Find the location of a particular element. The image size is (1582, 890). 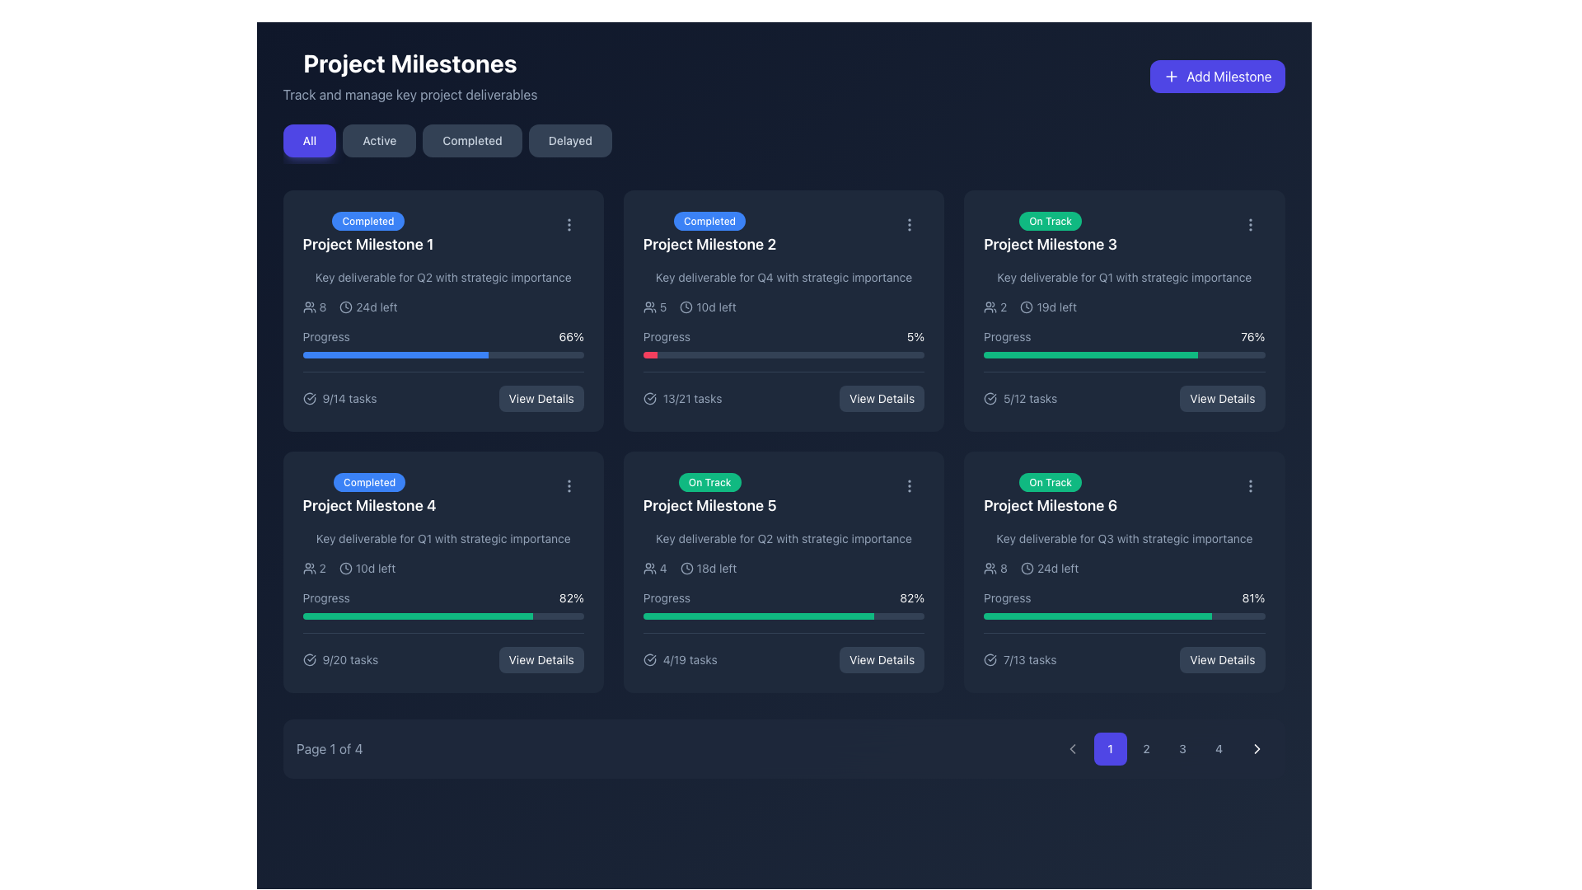

the vertical ellipsis icon located in the top-right corner of the 'Project Milestone 6' card is located at coordinates (1250, 485).